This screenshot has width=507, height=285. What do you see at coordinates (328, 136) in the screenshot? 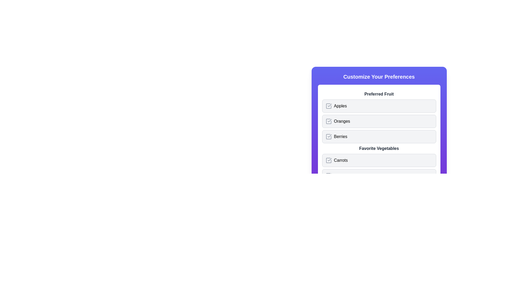
I see `the Checkbox icon for 'Berries'` at bounding box center [328, 136].